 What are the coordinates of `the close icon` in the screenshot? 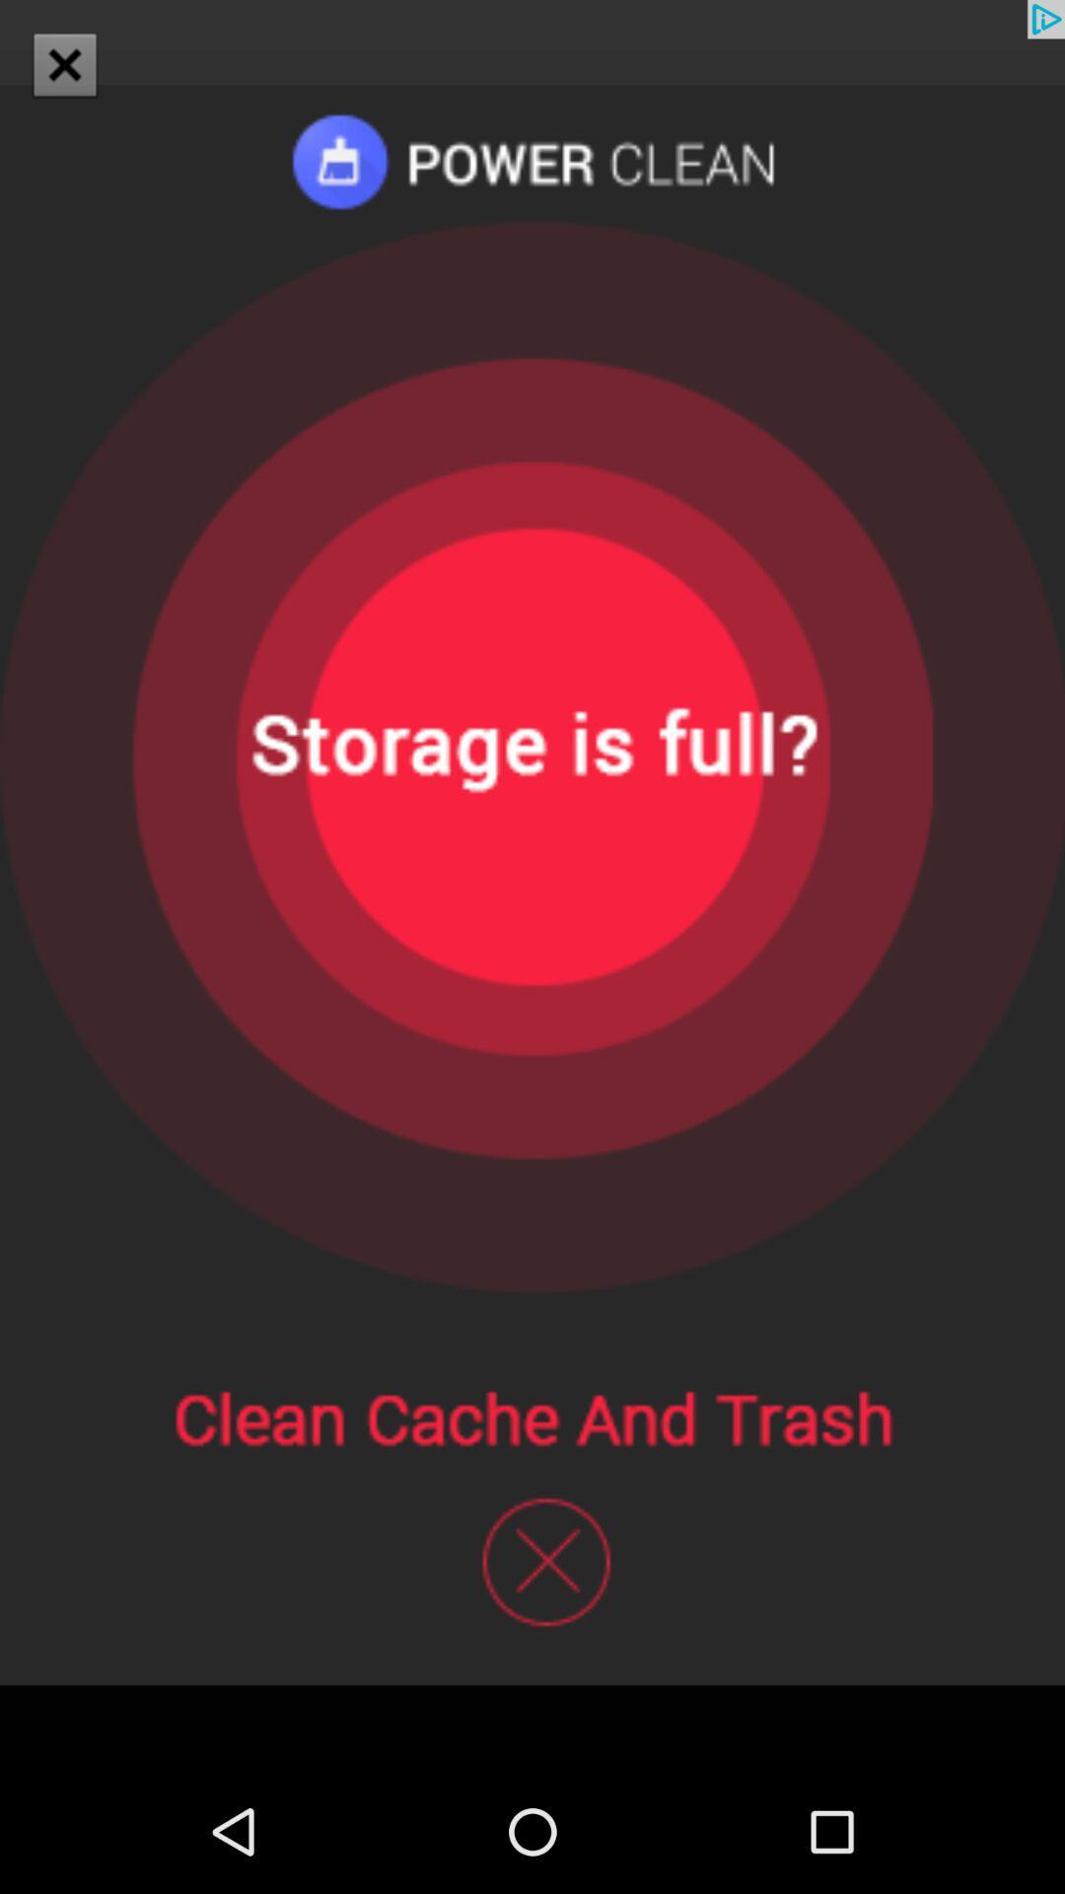 It's located at (63, 69).